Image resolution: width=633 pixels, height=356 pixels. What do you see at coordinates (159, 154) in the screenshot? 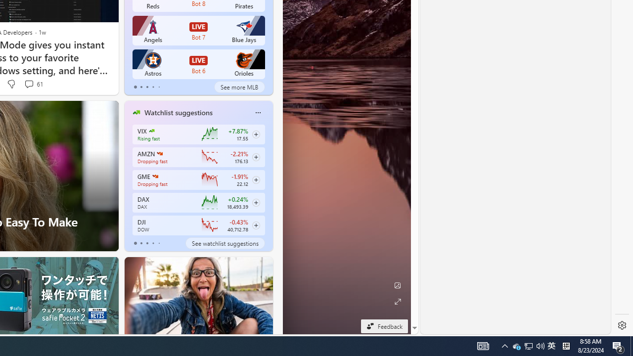
I see `'AMAZON.COM, INC.'` at bounding box center [159, 154].